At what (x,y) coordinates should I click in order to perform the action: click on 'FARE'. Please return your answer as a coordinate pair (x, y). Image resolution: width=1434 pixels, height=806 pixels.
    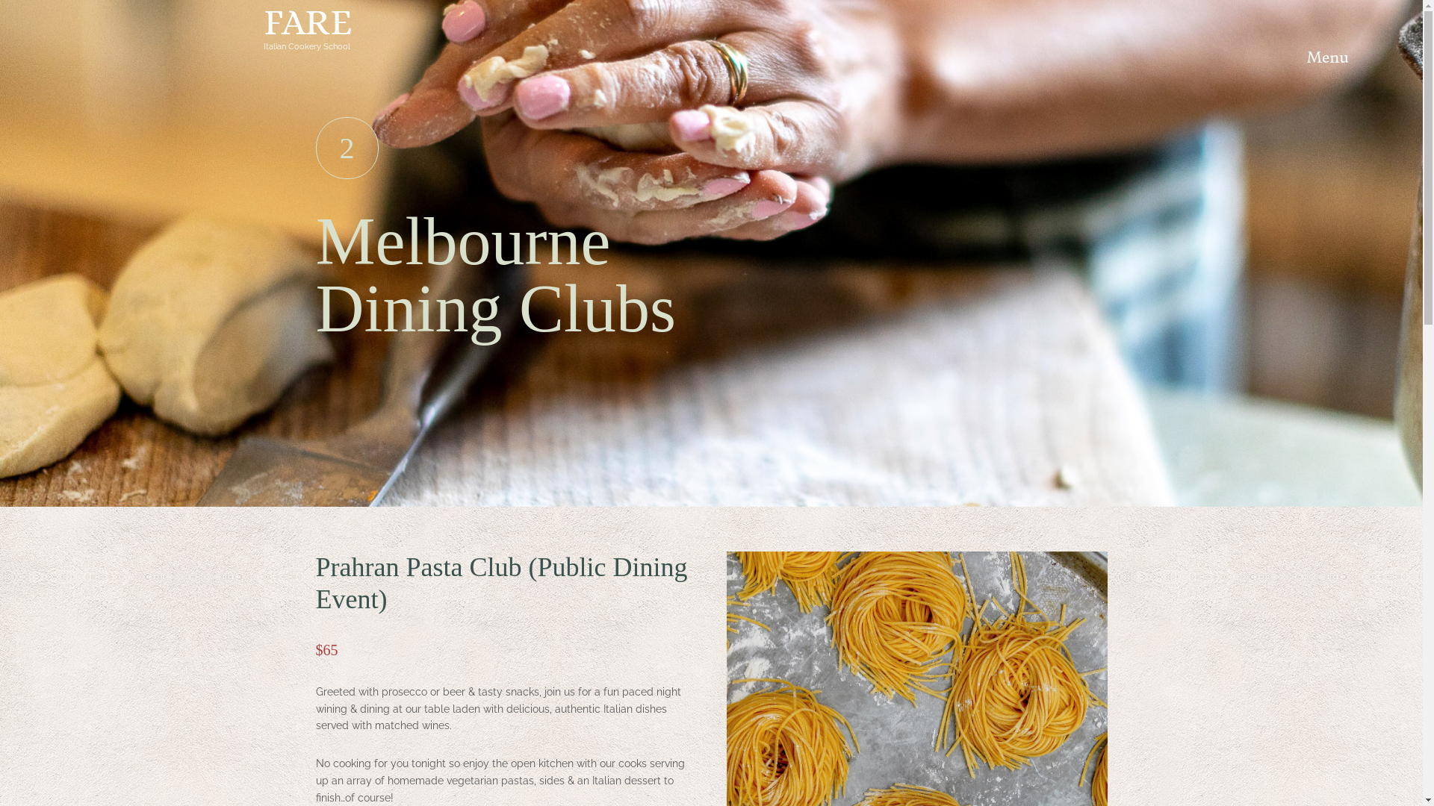
    Looking at the image, I should click on (306, 22).